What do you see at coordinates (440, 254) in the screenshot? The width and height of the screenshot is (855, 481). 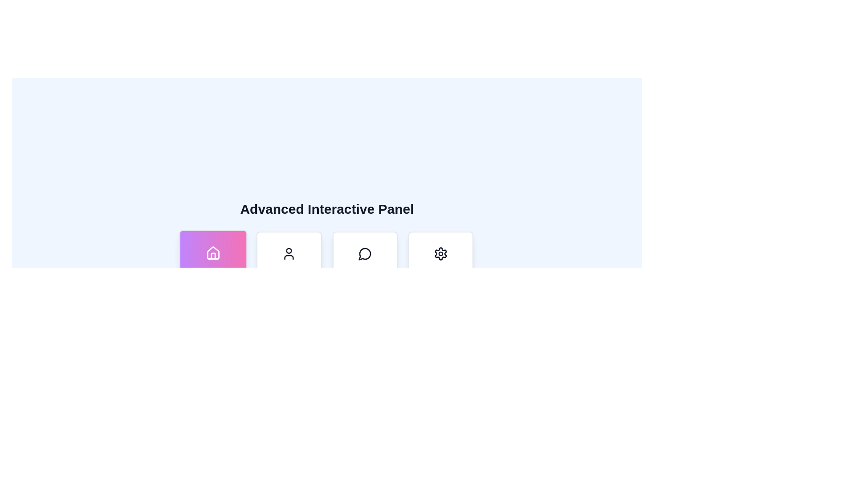 I see `the settings icon located at the top center of the 'Settings' box` at bounding box center [440, 254].